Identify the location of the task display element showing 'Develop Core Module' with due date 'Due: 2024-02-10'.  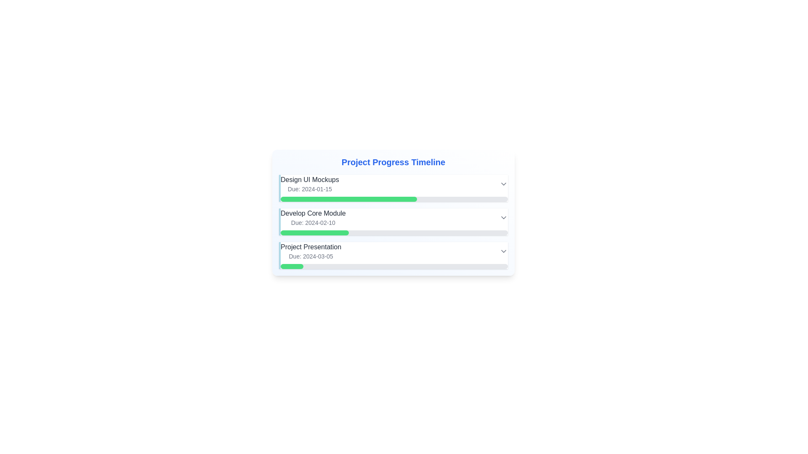
(393, 219).